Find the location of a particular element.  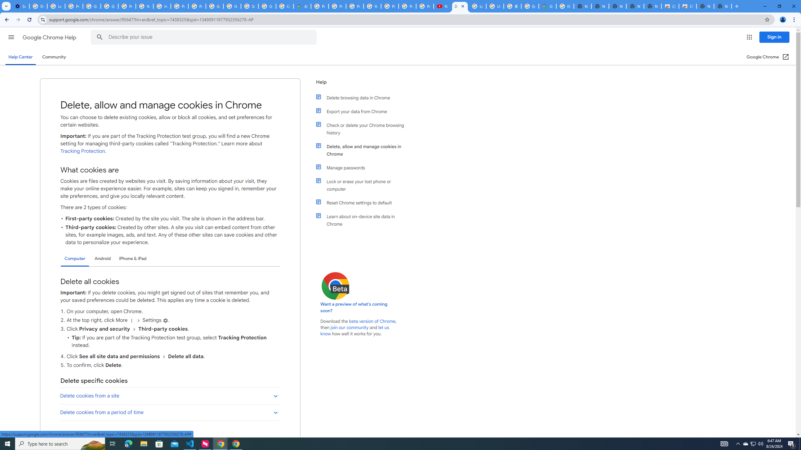

'let us know' is located at coordinates (355, 330).